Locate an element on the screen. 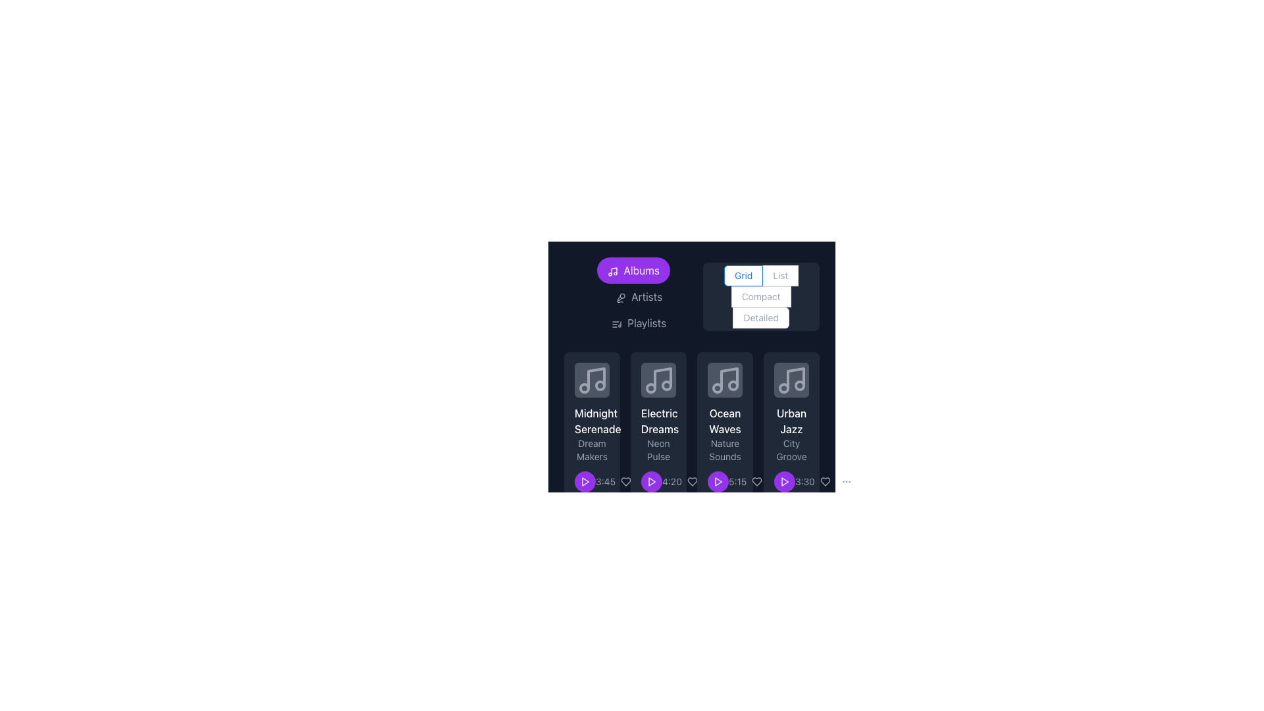 This screenshot has width=1264, height=711. the purple circular button with a play symbol and the gray text label '3:45' in the card titled 'Midnight Serenade' to change the button's color is located at coordinates (591, 482).